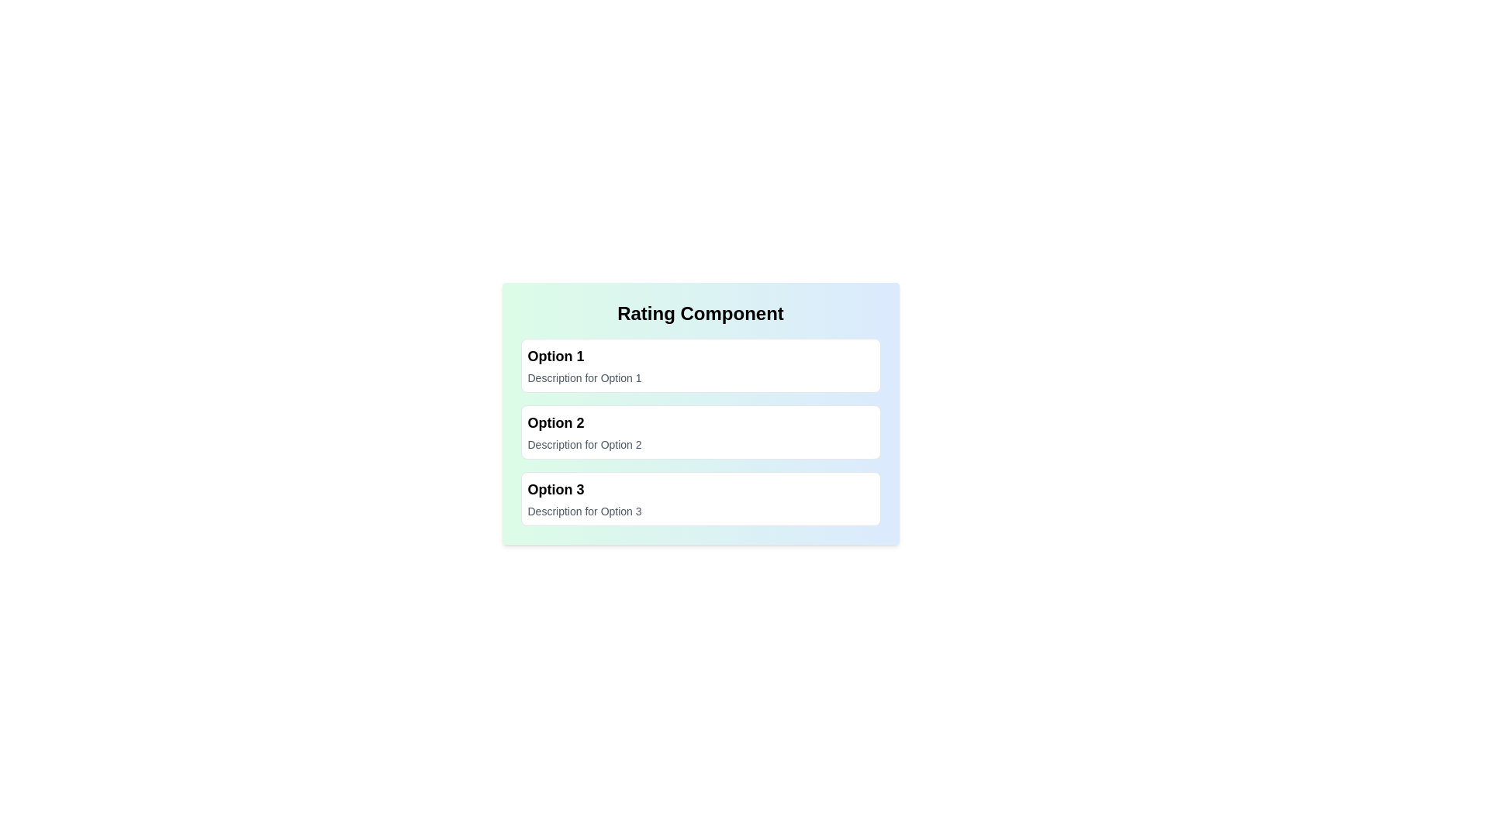 The width and height of the screenshot is (1489, 837). I want to click on the second option in the 'Rating Component' which is a selectable Button/Selection Card, so click(700, 432).